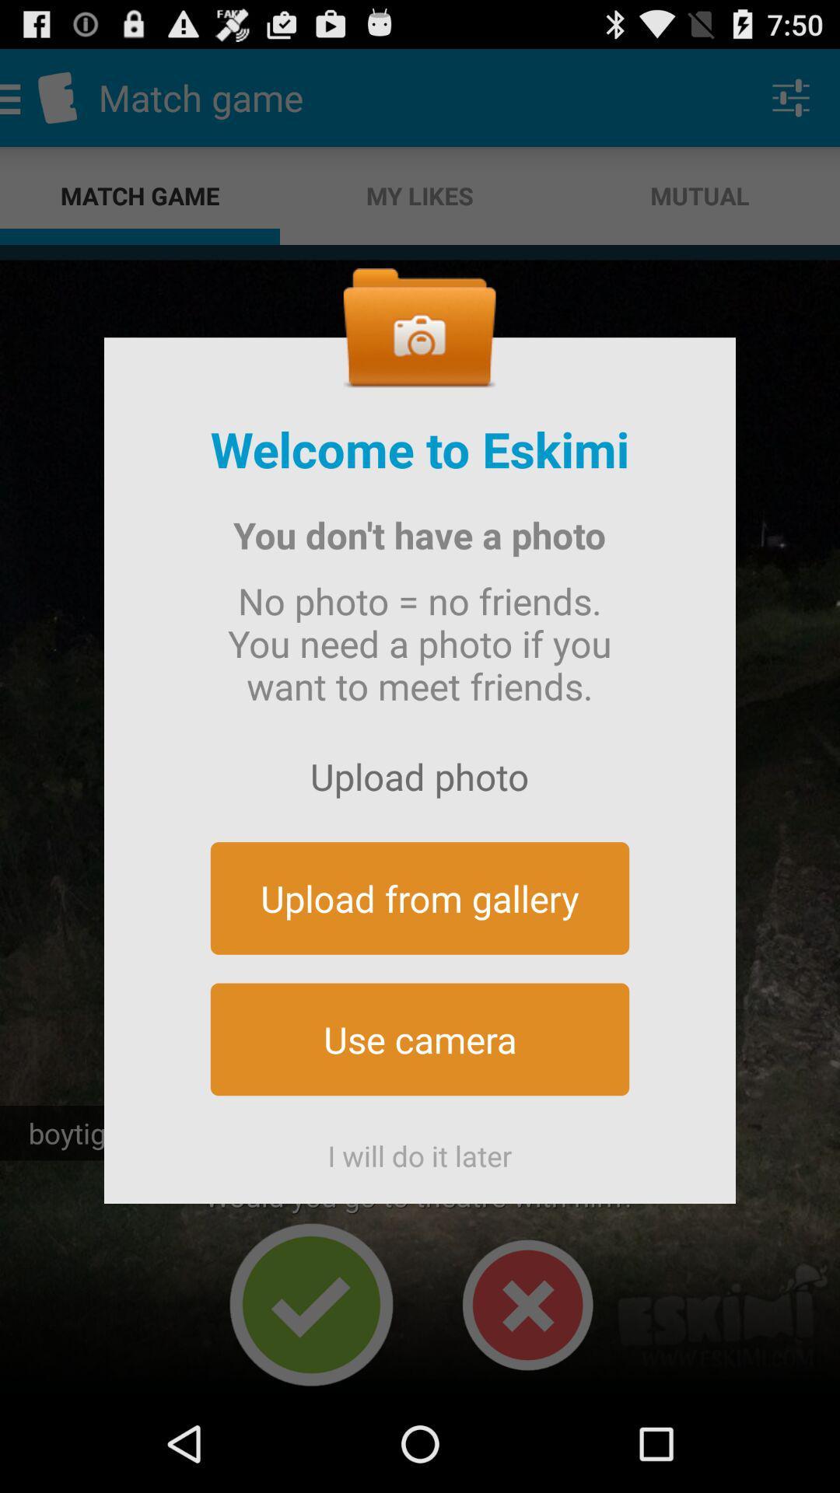  Describe the element at coordinates (420, 1149) in the screenshot. I see `the i will do item` at that location.